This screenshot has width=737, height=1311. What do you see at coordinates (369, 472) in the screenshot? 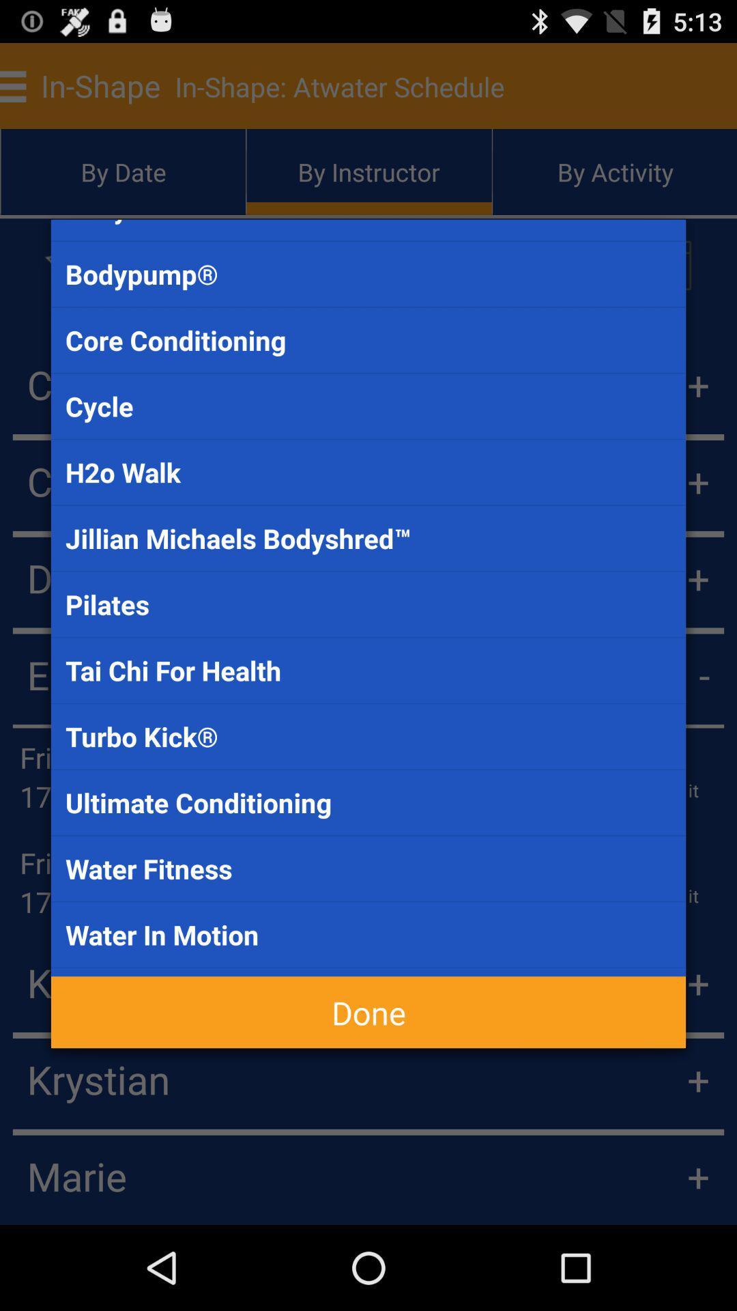
I see `the item below the cycle item` at bounding box center [369, 472].